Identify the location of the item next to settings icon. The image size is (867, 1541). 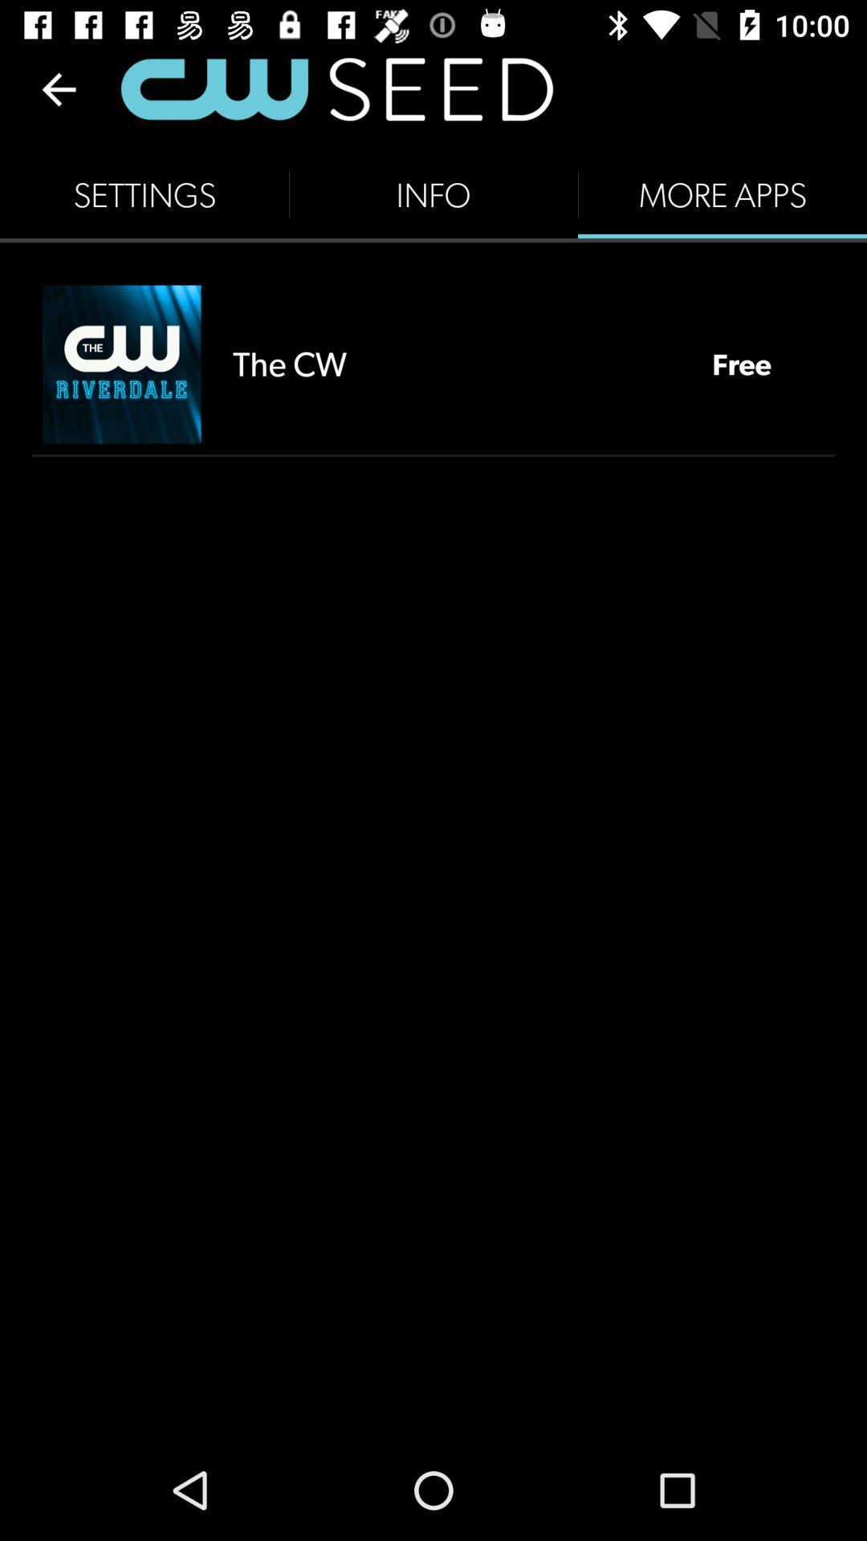
(433, 194).